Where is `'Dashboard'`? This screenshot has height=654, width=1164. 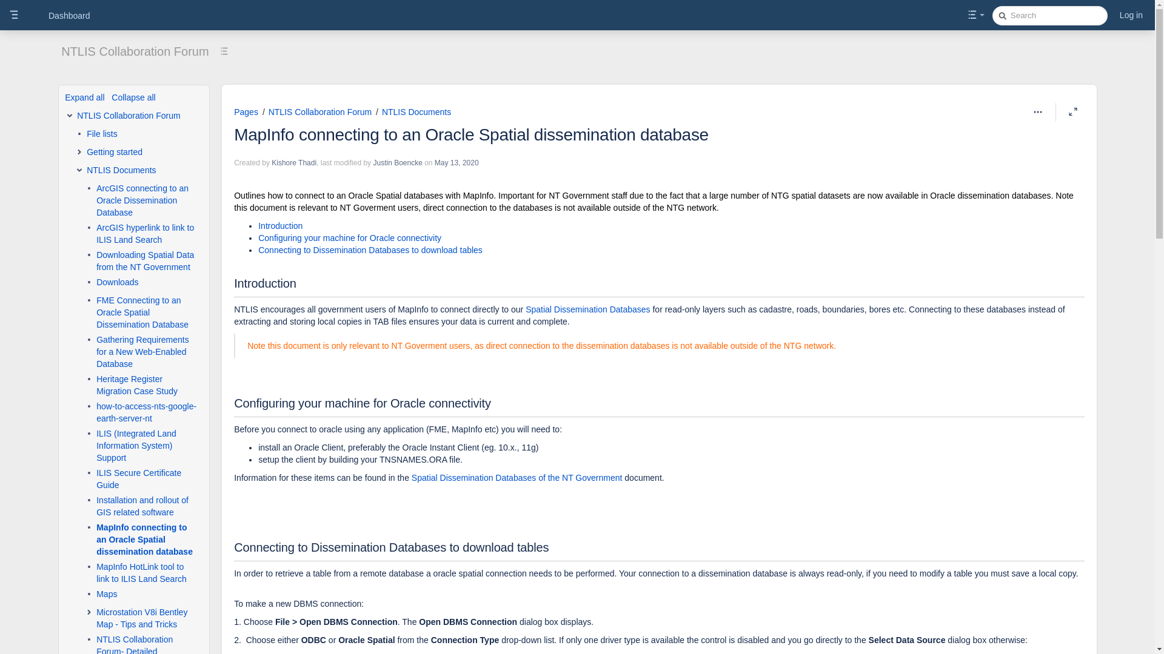
'Dashboard' is located at coordinates (69, 15).